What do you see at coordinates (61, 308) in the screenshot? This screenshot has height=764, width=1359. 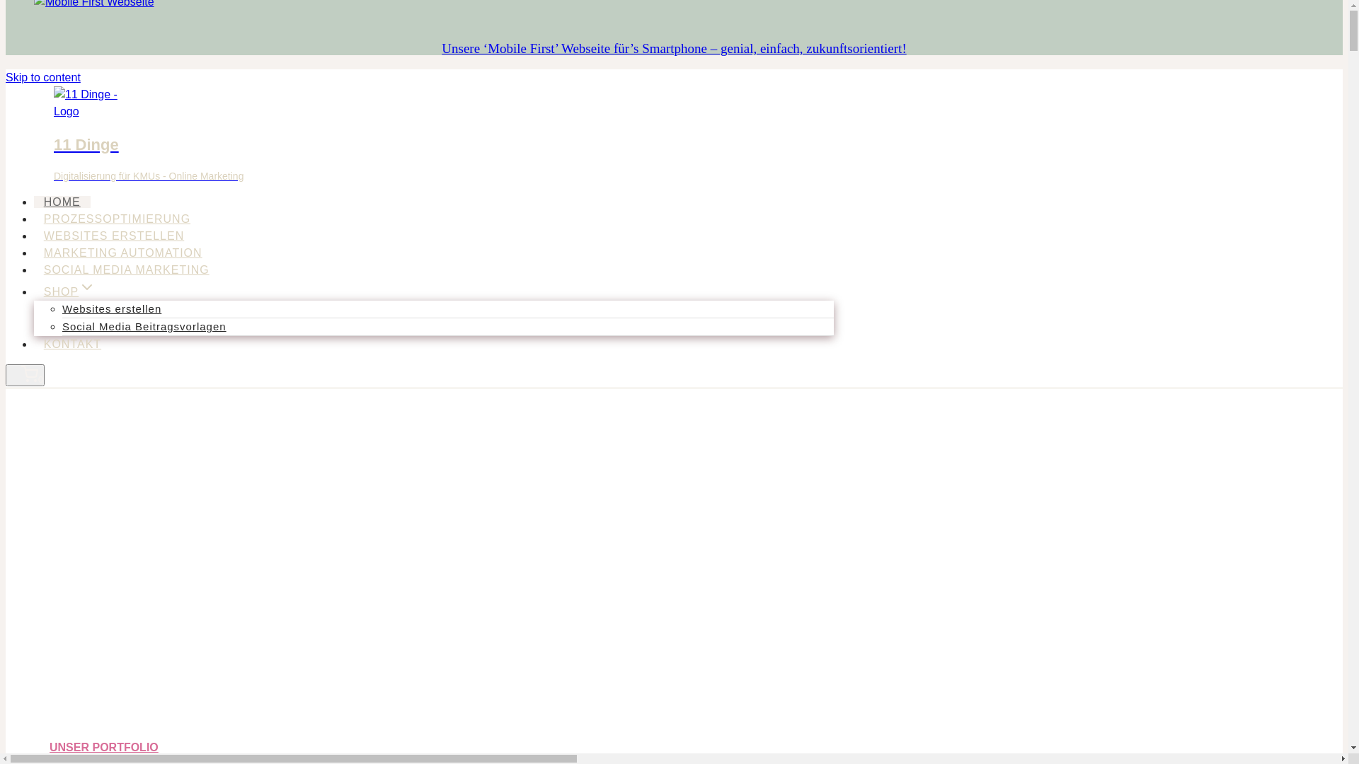 I see `'Websites erstellen'` at bounding box center [61, 308].